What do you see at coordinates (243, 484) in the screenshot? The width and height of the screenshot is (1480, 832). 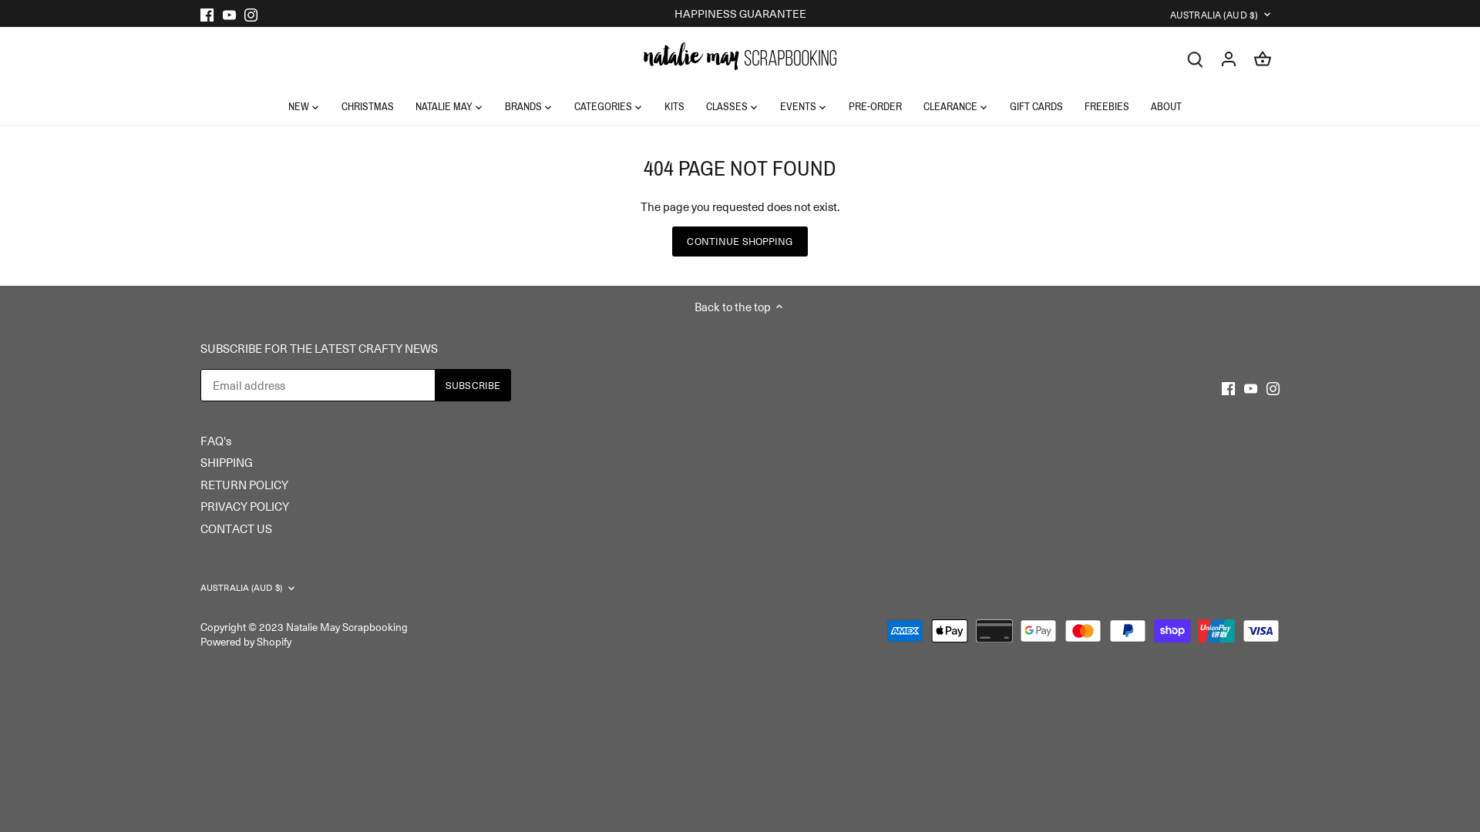 I see `'RETURN POLICY'` at bounding box center [243, 484].